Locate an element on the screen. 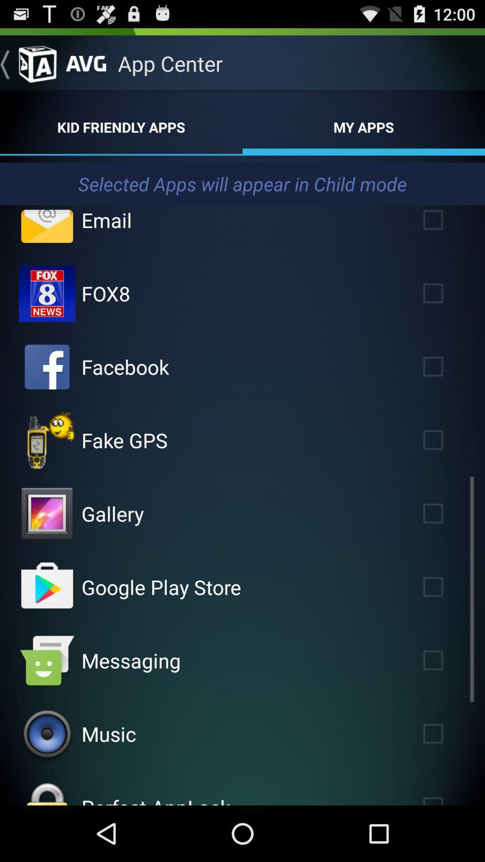 The image size is (485, 862). the app is located at coordinates (446, 440).